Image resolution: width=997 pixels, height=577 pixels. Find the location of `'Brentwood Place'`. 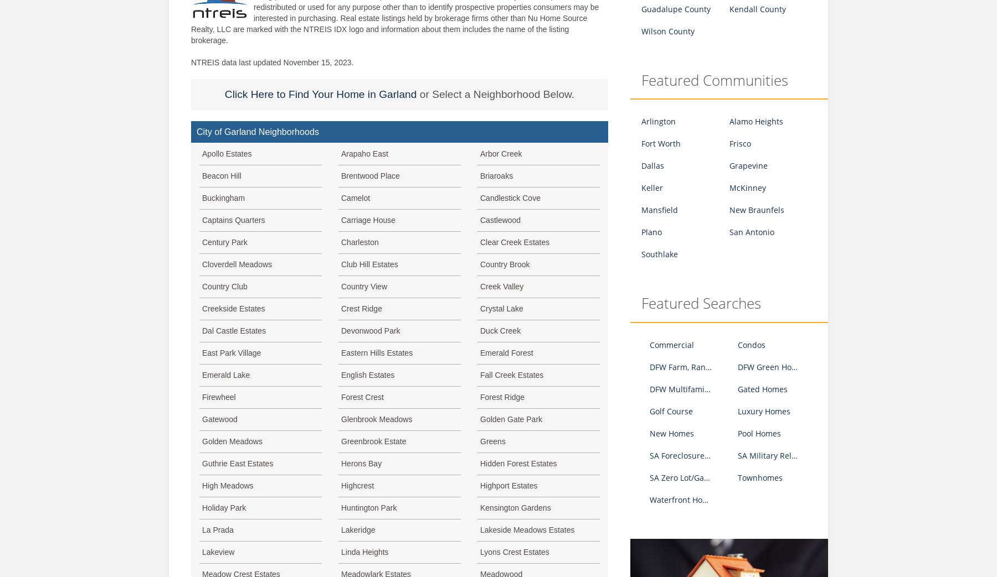

'Brentwood Place' is located at coordinates (370, 175).